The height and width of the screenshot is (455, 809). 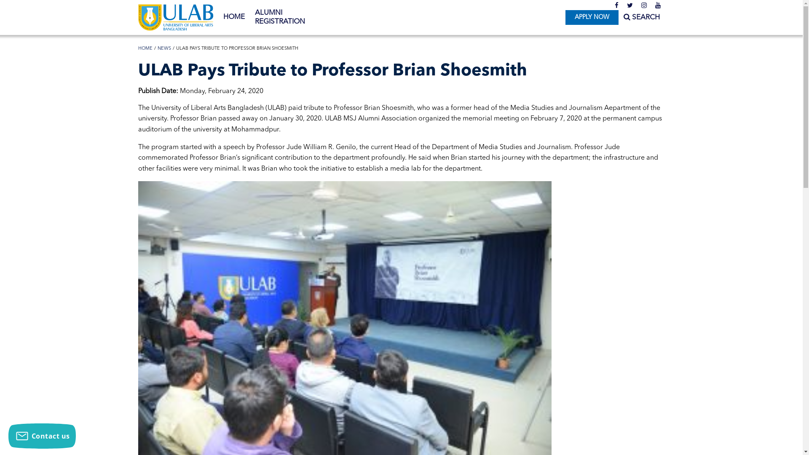 What do you see at coordinates (591, 17) in the screenshot?
I see `'APPLY NOW'` at bounding box center [591, 17].